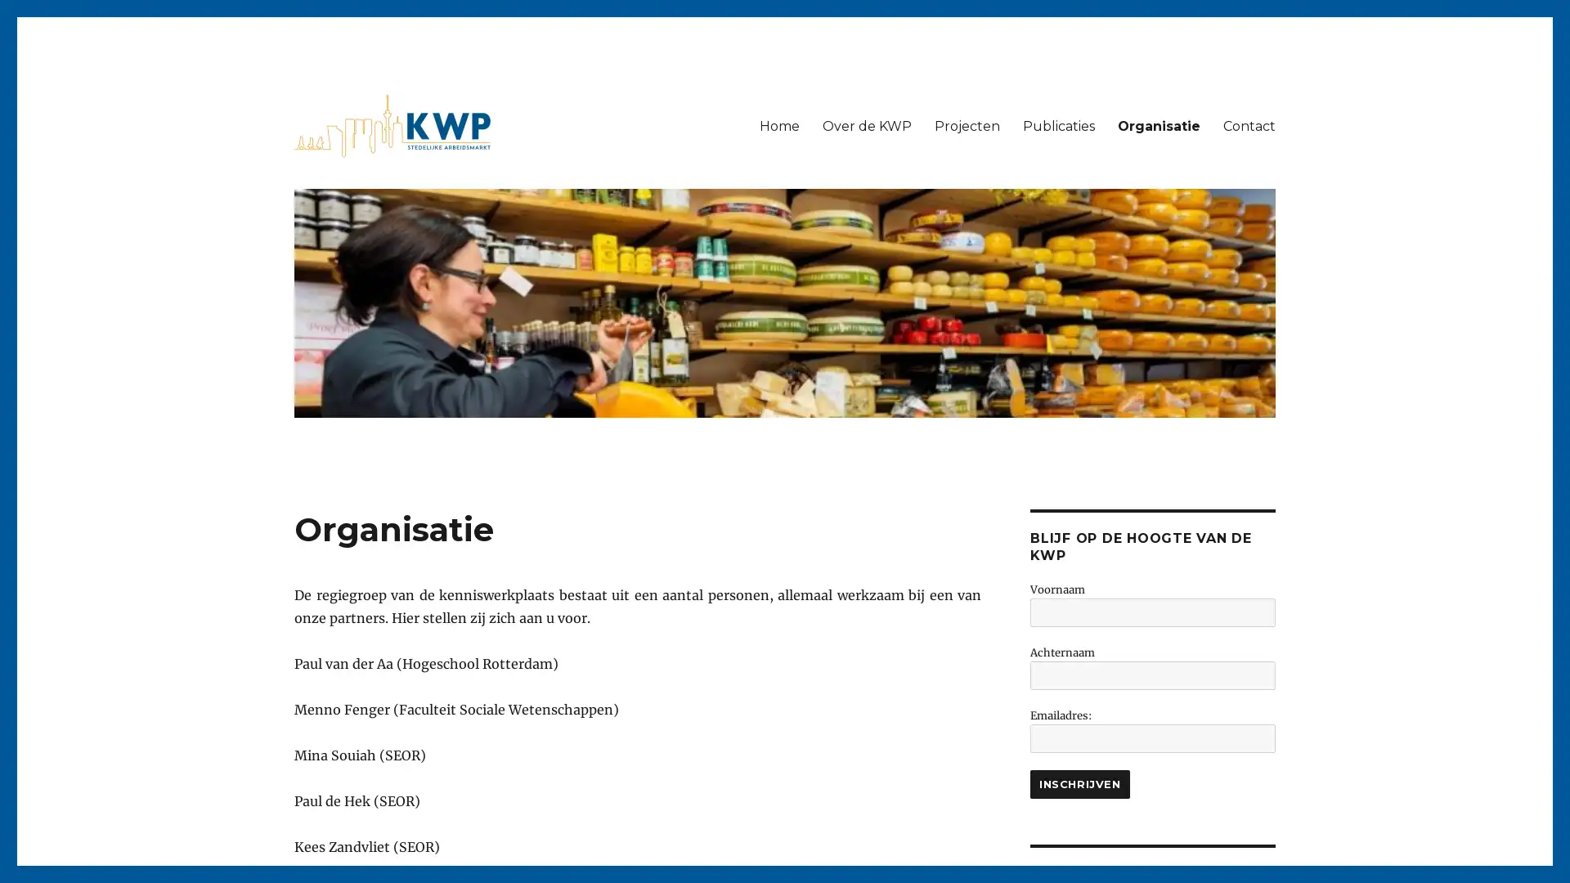  I want to click on Inschrijven, so click(1079, 783).